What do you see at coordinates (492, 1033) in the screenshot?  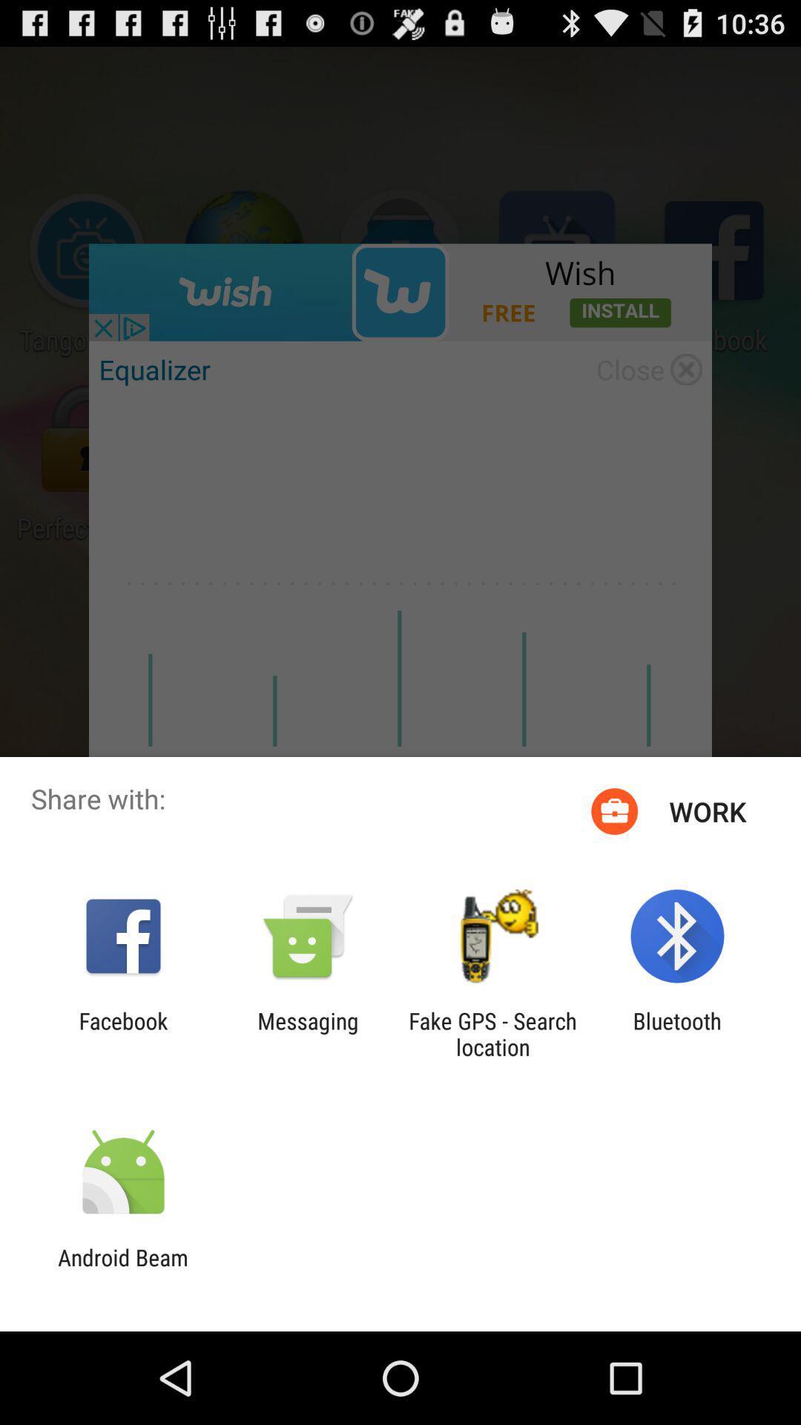 I see `fake gps search` at bounding box center [492, 1033].